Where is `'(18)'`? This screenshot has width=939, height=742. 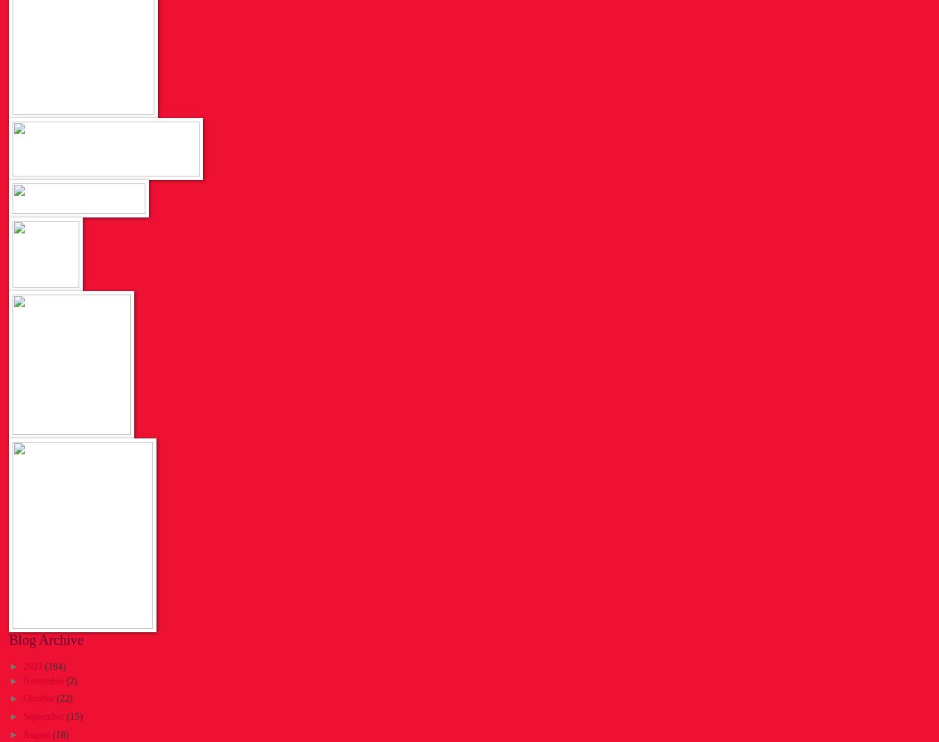
'(18)' is located at coordinates (60, 734).